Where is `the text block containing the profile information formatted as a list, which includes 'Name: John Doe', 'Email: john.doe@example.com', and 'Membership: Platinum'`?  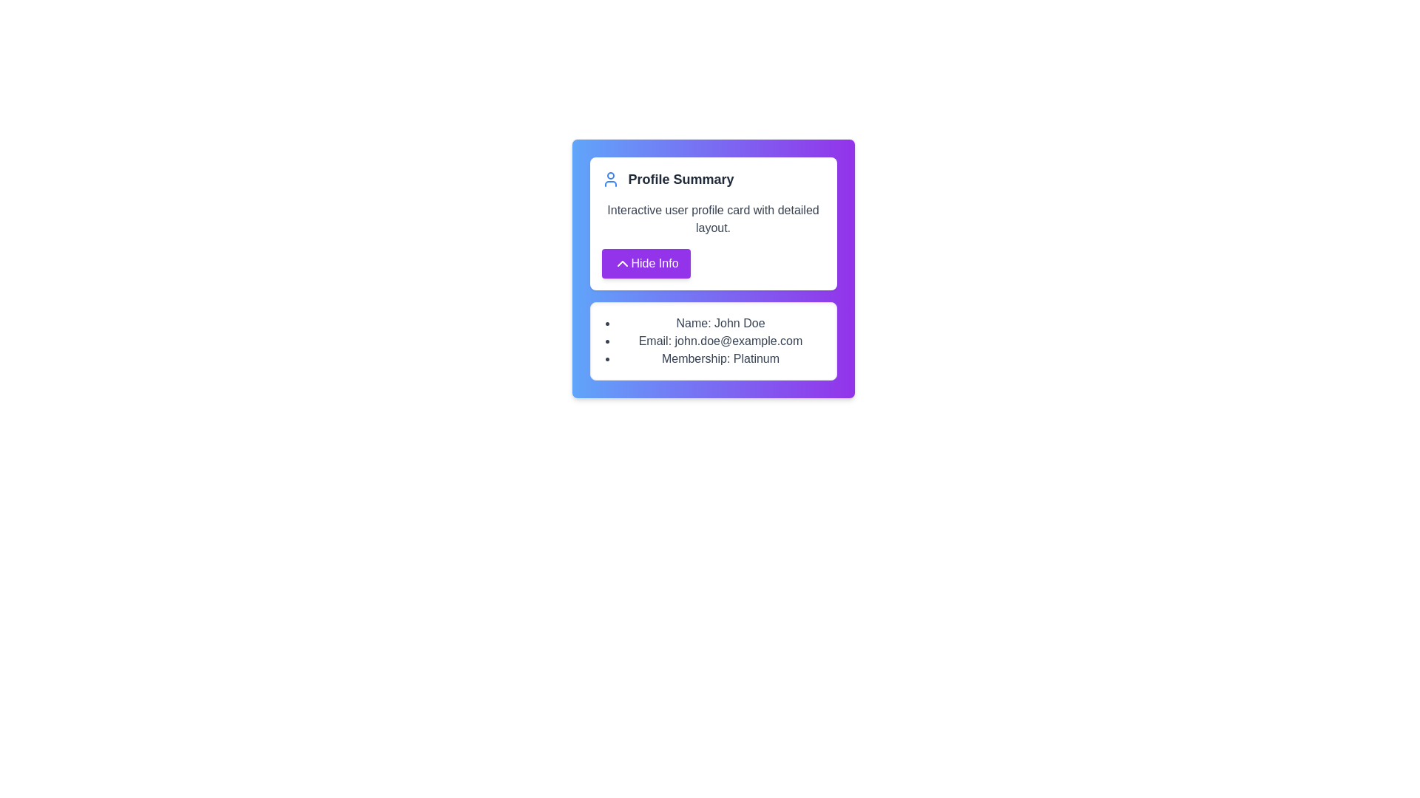
the text block containing the profile information formatted as a list, which includes 'Name: John Doe', 'Email: john.doe@example.com', and 'Membership: Platinum' is located at coordinates (713, 341).